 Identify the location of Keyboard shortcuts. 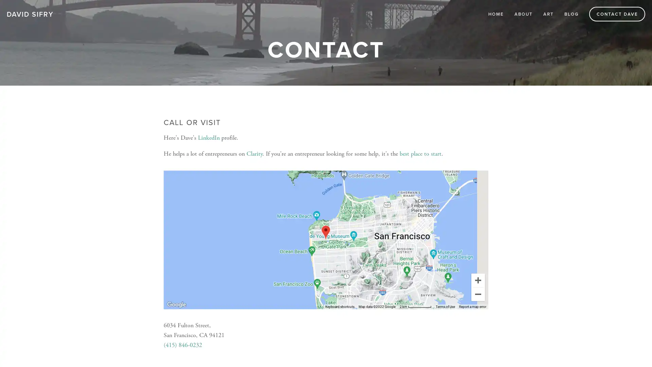
(340, 307).